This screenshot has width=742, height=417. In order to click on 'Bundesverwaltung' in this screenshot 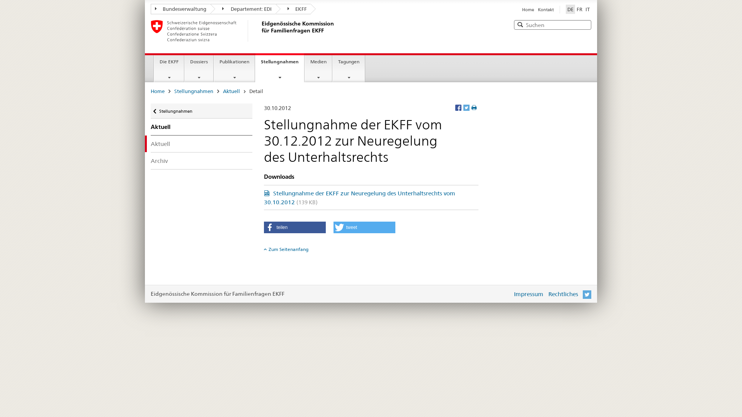, I will do `click(180, 9)`.